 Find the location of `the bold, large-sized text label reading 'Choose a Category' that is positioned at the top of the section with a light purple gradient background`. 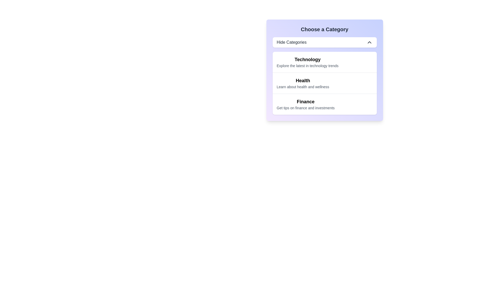

the bold, large-sized text label reading 'Choose a Category' that is positioned at the top of the section with a light purple gradient background is located at coordinates (324, 29).